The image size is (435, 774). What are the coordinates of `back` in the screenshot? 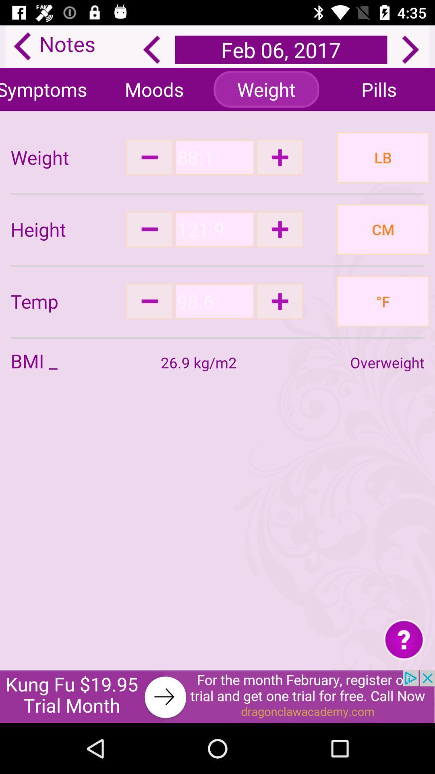 It's located at (151, 49).